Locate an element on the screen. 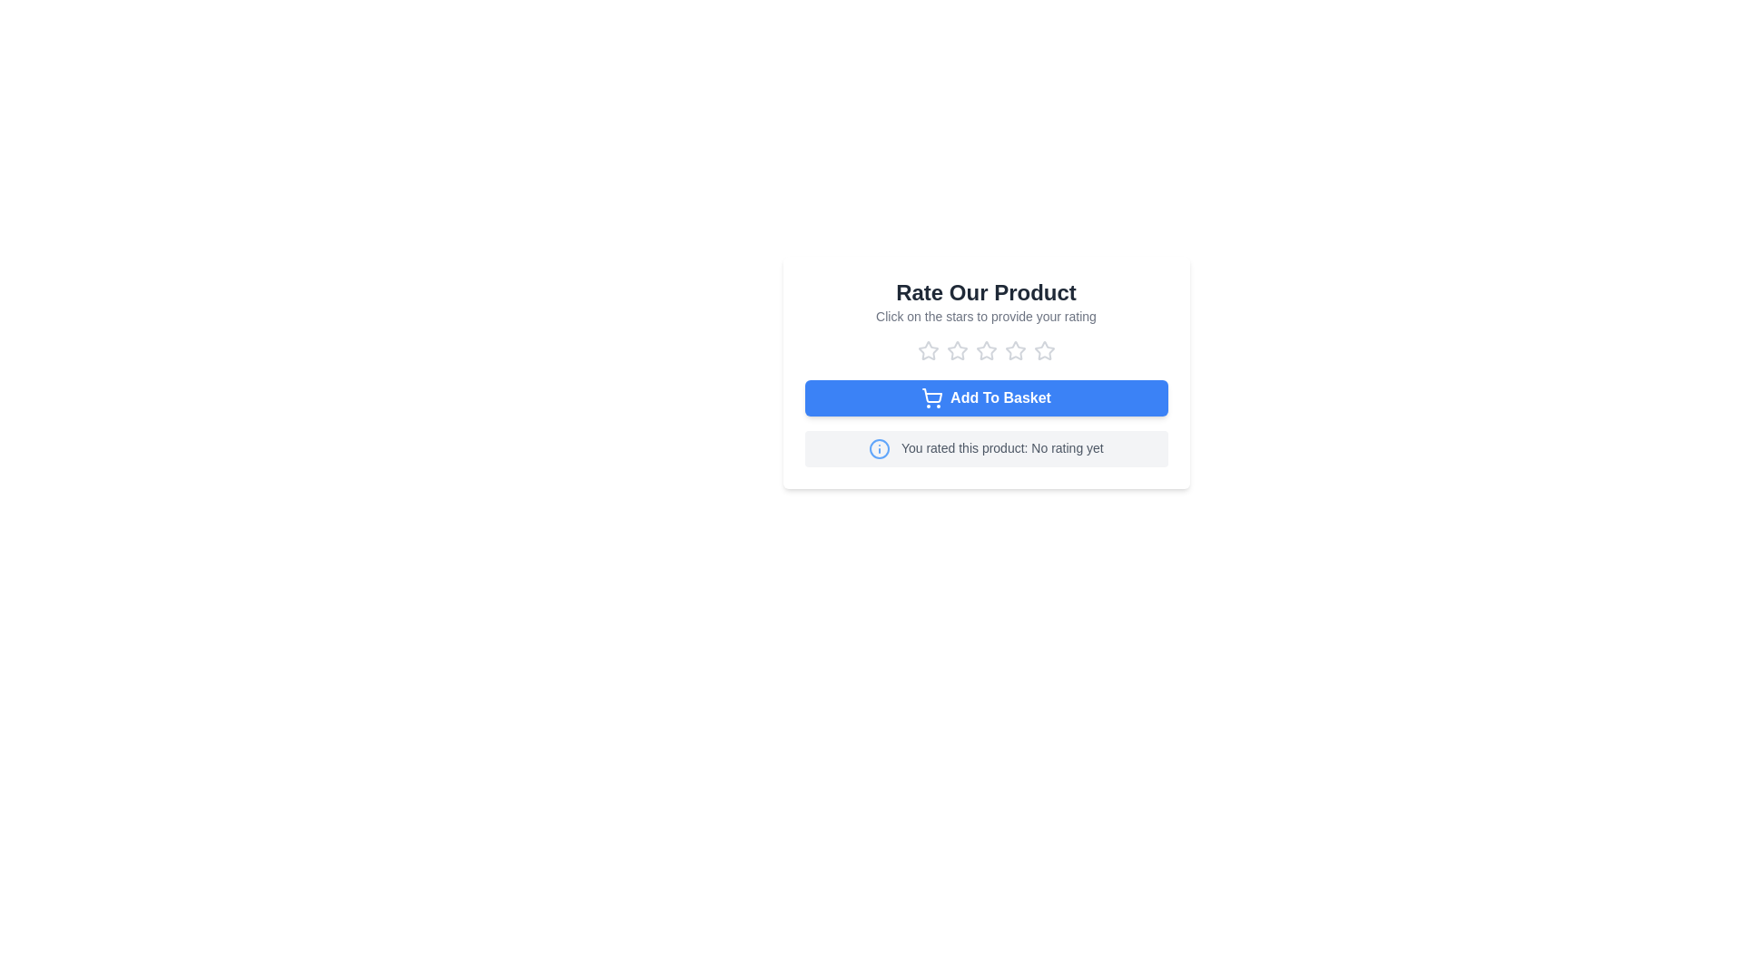  the circular blue icon with an 'i' symbol located to the left of the text message 'You rated this product: No rating yet' is located at coordinates (880, 448).